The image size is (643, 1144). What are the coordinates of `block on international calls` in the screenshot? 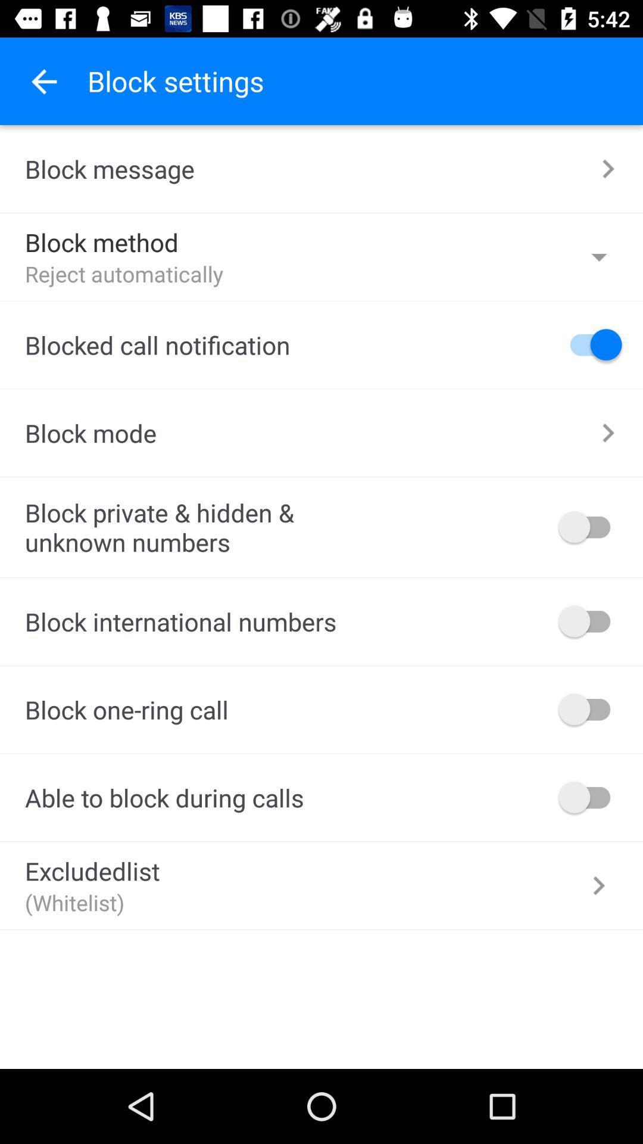 It's located at (590, 620).